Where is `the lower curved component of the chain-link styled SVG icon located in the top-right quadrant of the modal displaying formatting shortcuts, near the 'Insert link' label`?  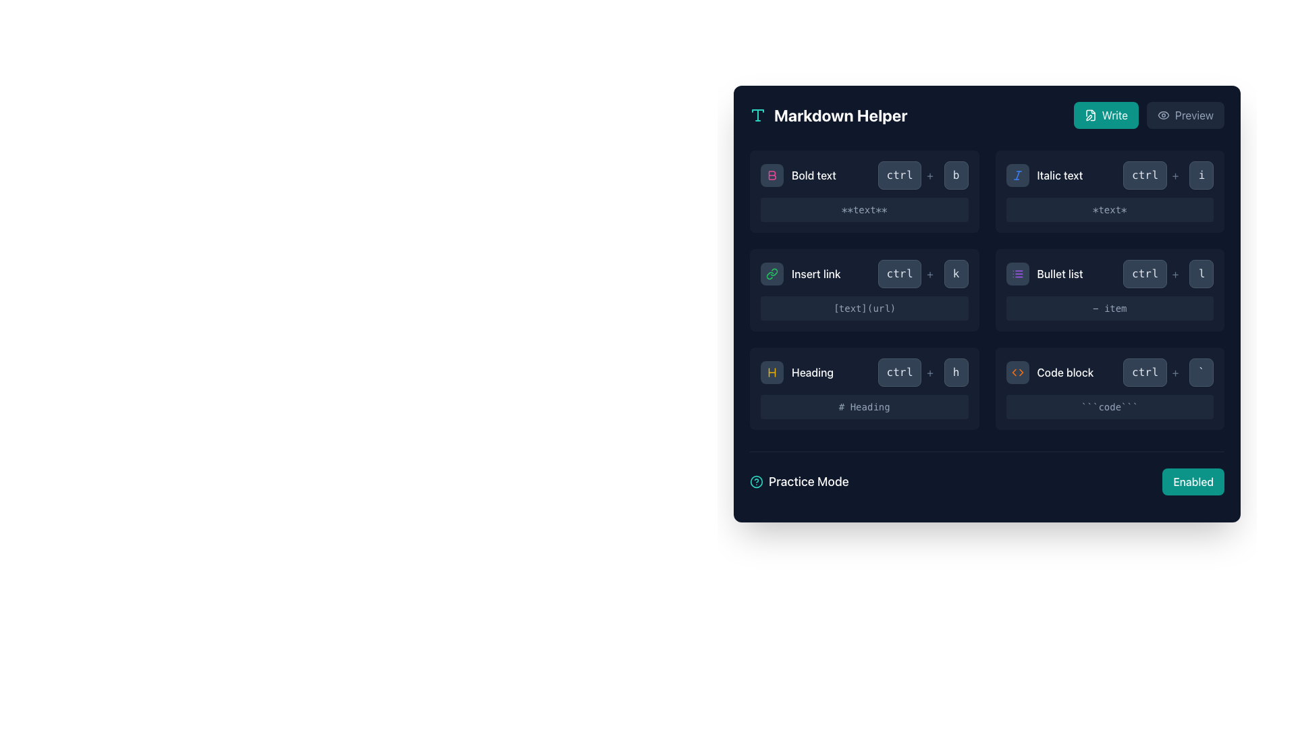
the lower curved component of the chain-link styled SVG icon located in the top-right quadrant of the modal displaying formatting shortcuts, near the 'Insert link' label is located at coordinates (770, 275).